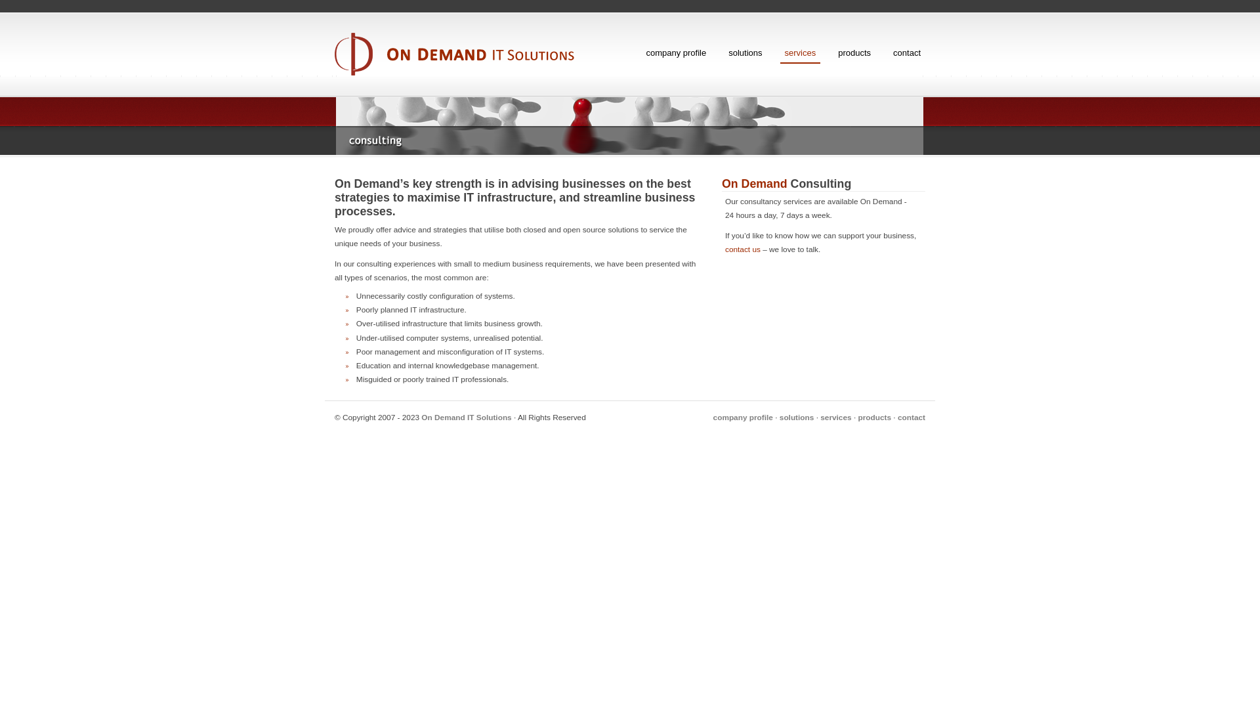  I want to click on 'company profile', so click(712, 418).